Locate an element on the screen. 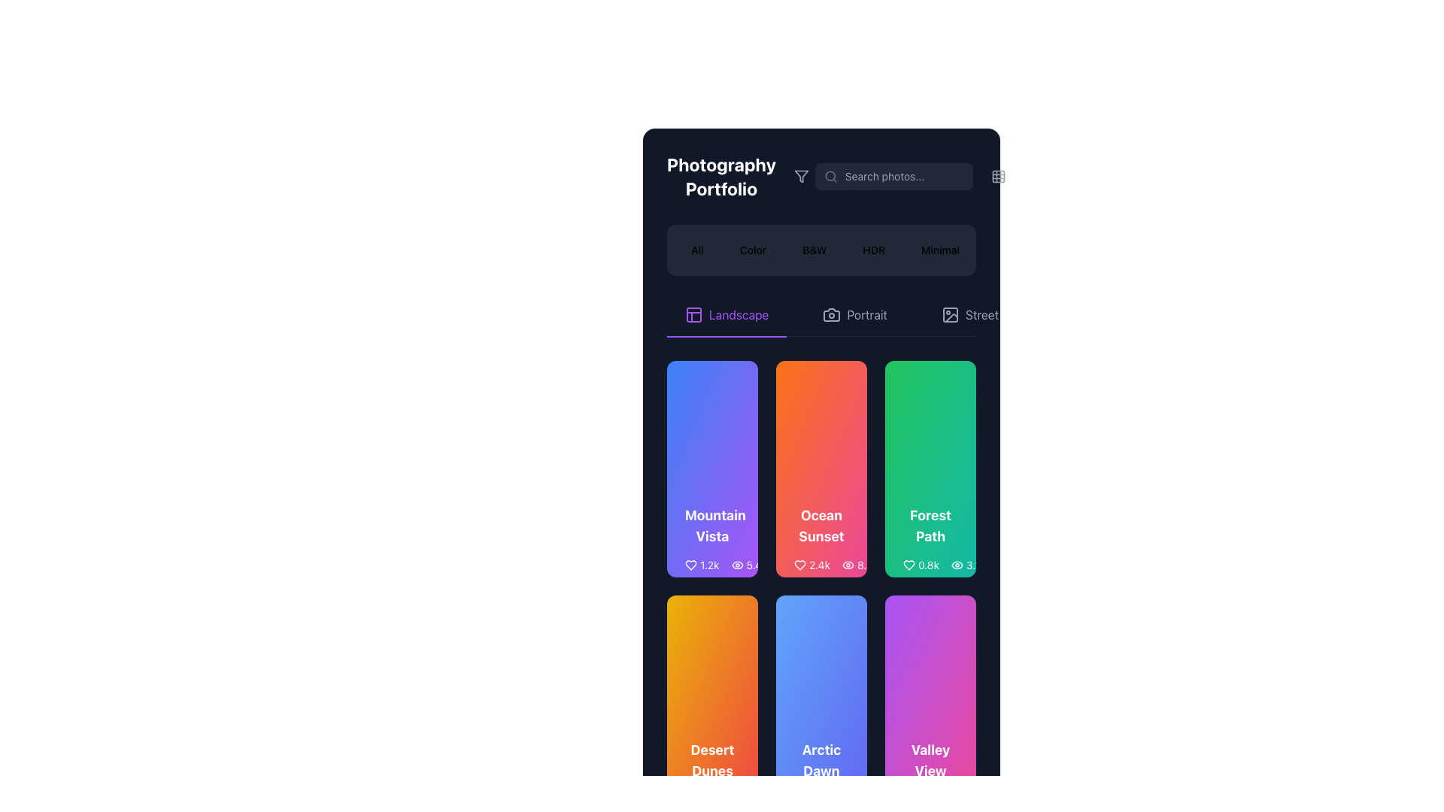 The width and height of the screenshot is (1444, 812). the camera icon, which is a minimalistic outlined design with a dark stroke, located to the left of the text 'Portrait' in the navigation bar for filtering photographs is located at coordinates (831, 314).